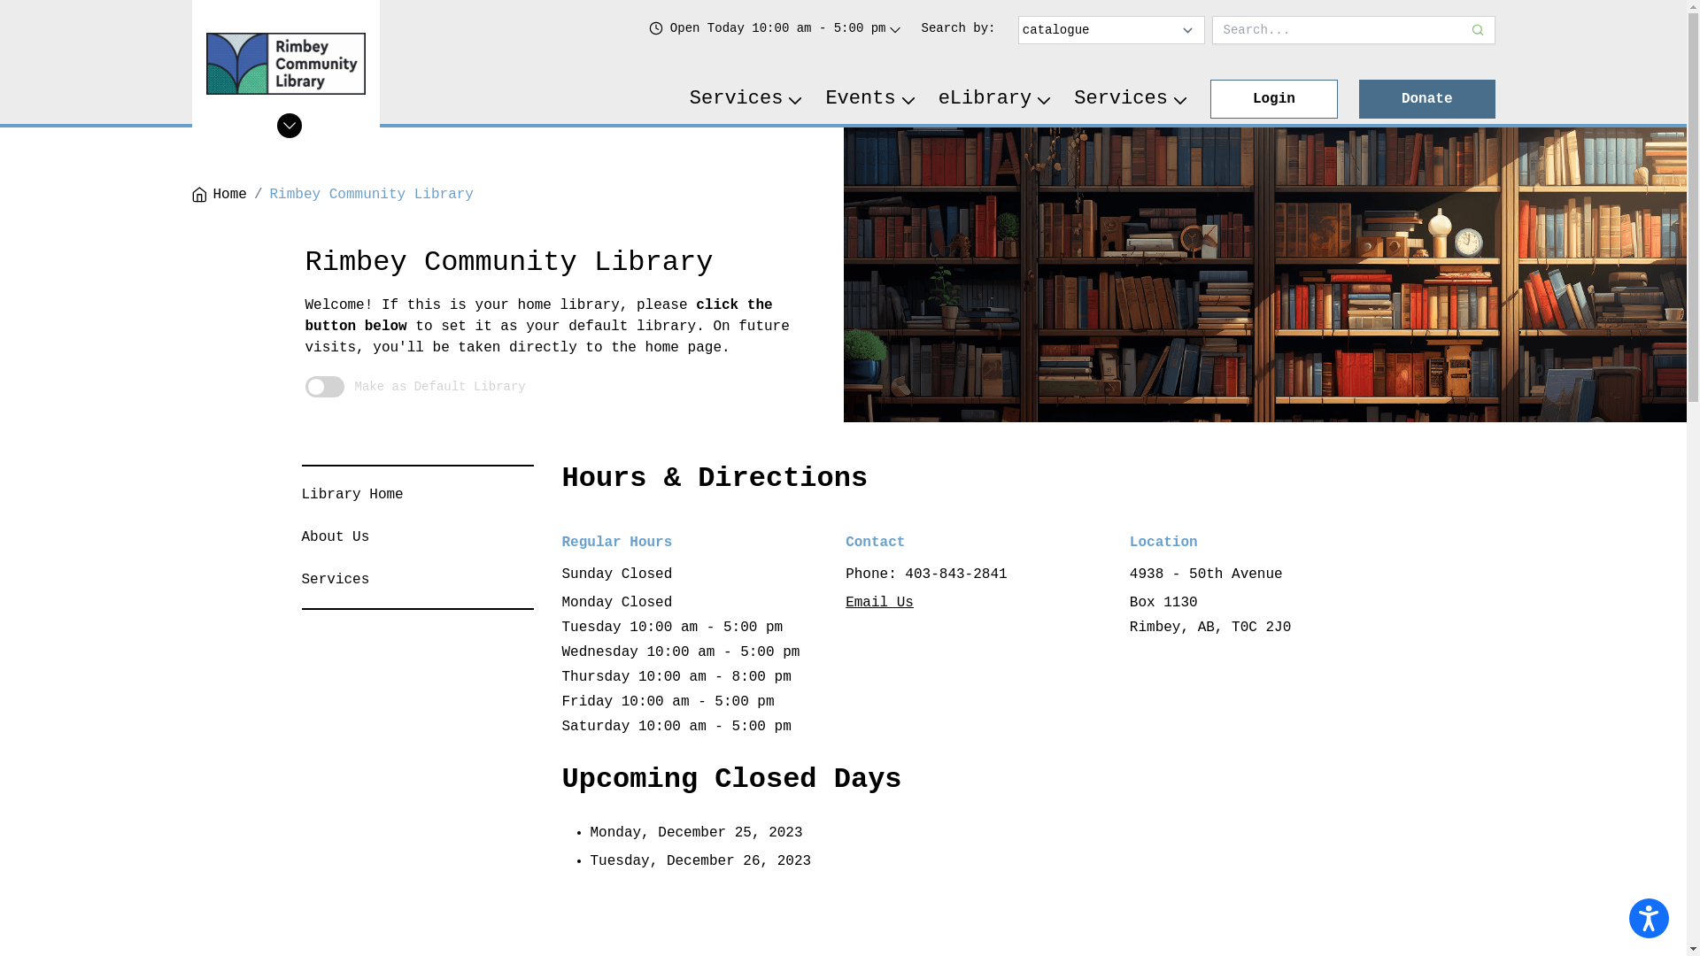  I want to click on 'Events', so click(870, 98).